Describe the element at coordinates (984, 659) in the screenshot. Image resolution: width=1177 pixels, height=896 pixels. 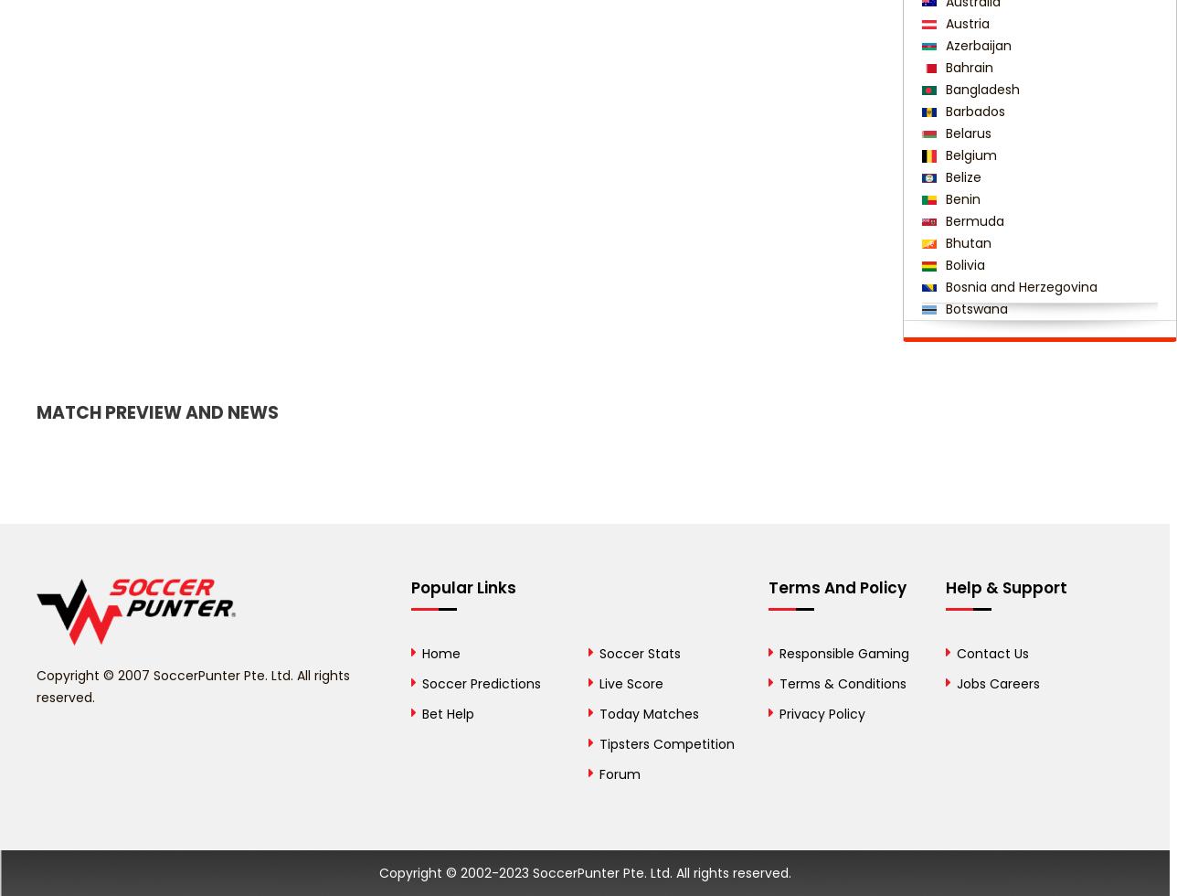
I see `'Côte d'Ivoire'` at that location.